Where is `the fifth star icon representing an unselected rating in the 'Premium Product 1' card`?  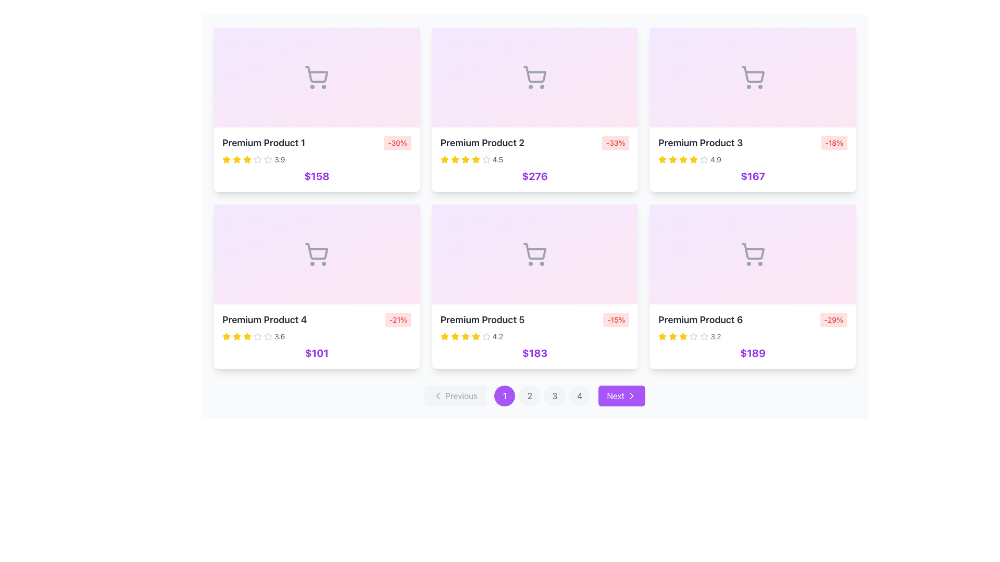
the fifth star icon representing an unselected rating in the 'Premium Product 1' card is located at coordinates (257, 160).